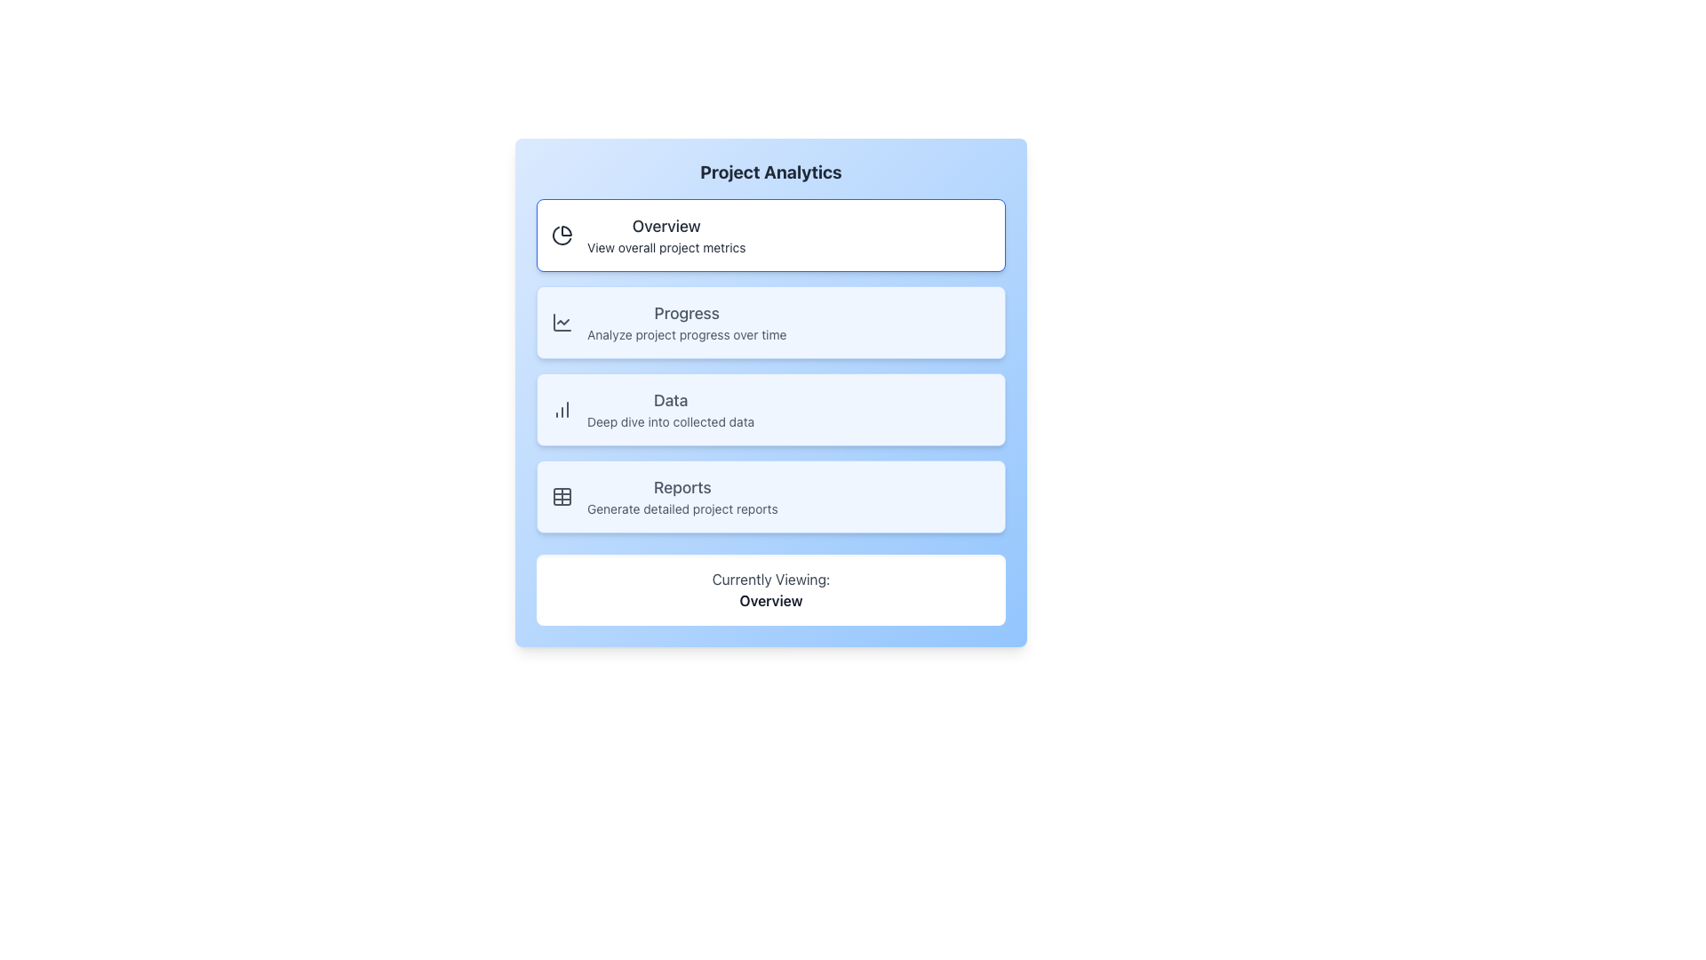 The image size is (1706, 960). Describe the element at coordinates (562, 497) in the screenshot. I see `the 'Reports' icon located in the vertical navigation menu, which is positioned to the left of the text 'Reports Generate detailed project reports'` at that location.